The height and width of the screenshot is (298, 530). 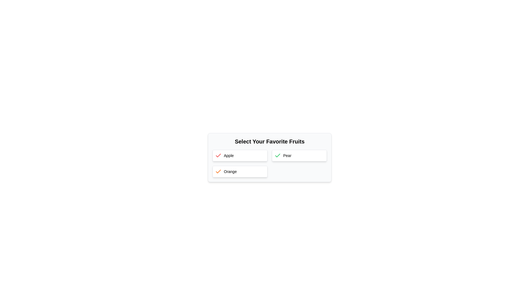 I want to click on the text label displaying 'Orange' located in the 'Select Your Favorite Fruits' section, which is positioned to the right of an orange checkmark icon, so click(x=230, y=171).